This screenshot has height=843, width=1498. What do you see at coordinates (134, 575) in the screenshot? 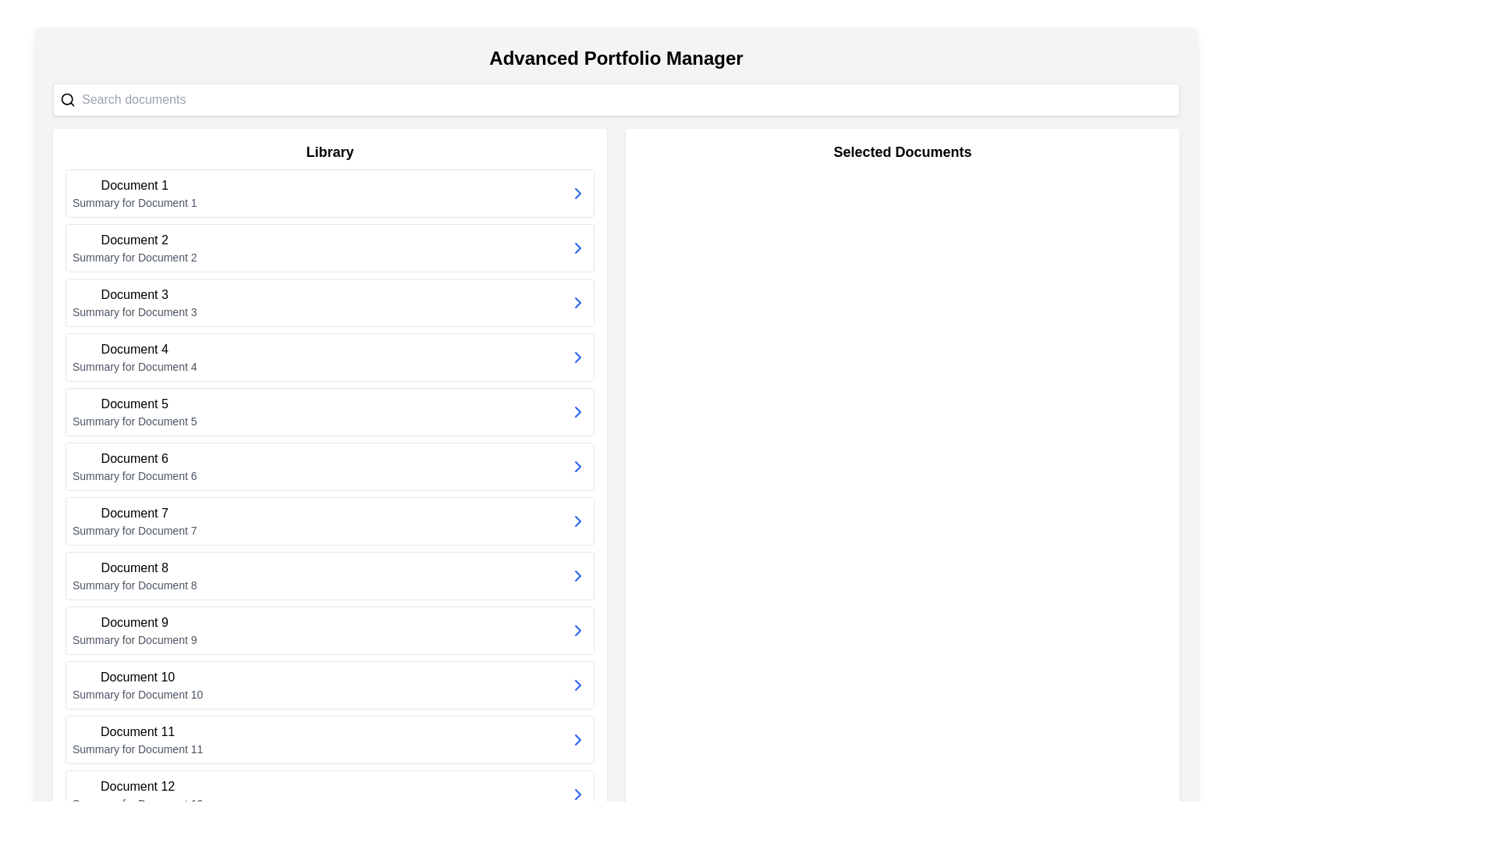
I see `the text box displaying 'Document 8' with the subtitle 'Summary for Document 8', which is the eighth item in the Library section of the vertical list` at bounding box center [134, 575].